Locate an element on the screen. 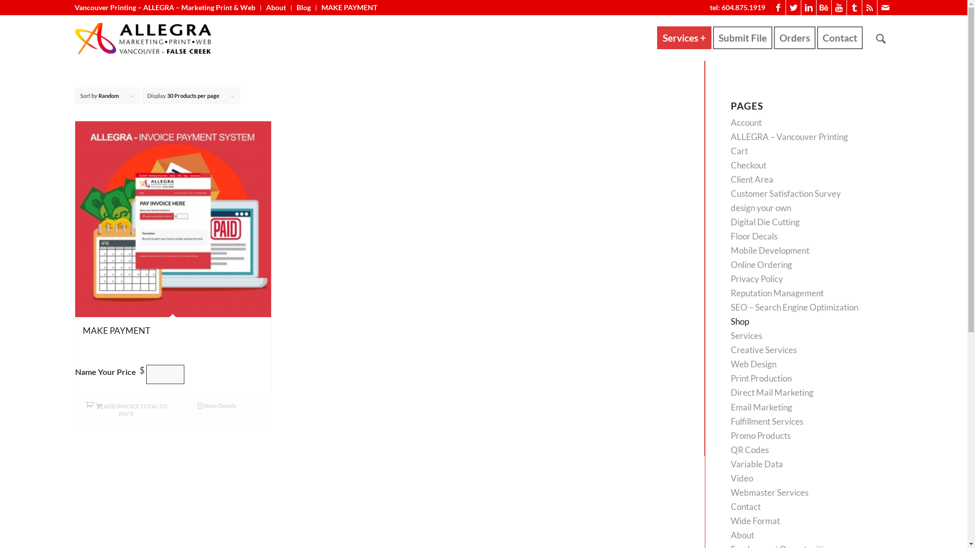 The height and width of the screenshot is (548, 975). 'Video' is located at coordinates (741, 478).